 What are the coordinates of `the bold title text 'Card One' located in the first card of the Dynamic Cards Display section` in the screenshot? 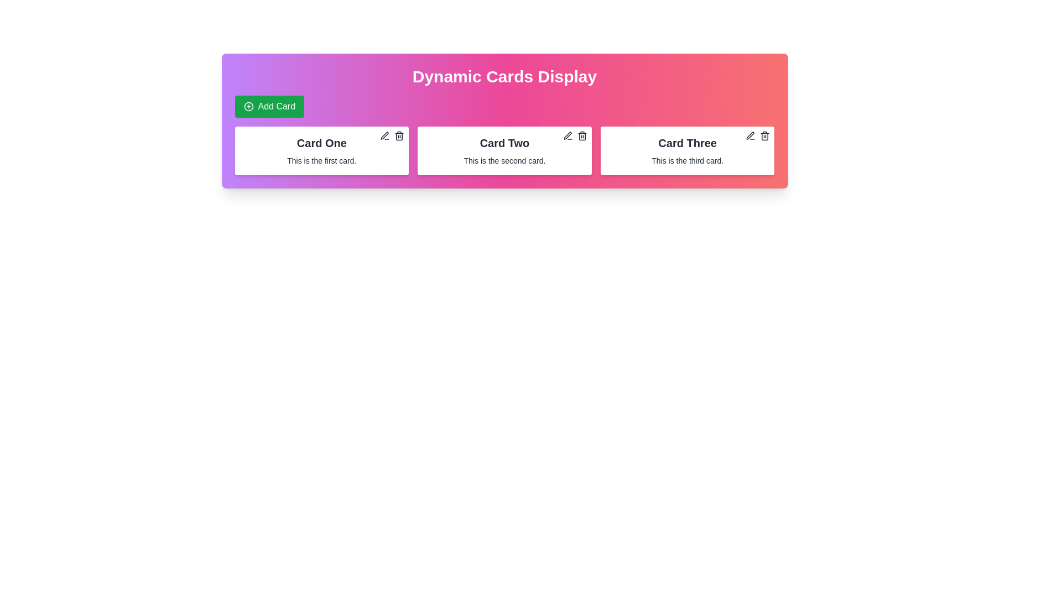 It's located at (321, 142).